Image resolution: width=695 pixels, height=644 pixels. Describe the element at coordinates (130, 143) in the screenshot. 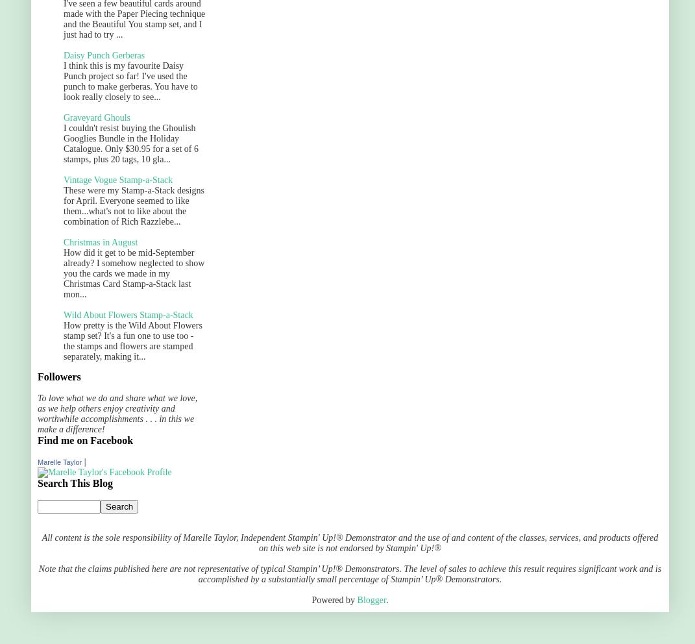

I see `'I couldn't resist buying the  Ghoulish Googlies Bundle in the Holiday Catalogue. Only $30.95 for a set of 6 stamps, plus 20 tags, 10 gla...'` at that location.